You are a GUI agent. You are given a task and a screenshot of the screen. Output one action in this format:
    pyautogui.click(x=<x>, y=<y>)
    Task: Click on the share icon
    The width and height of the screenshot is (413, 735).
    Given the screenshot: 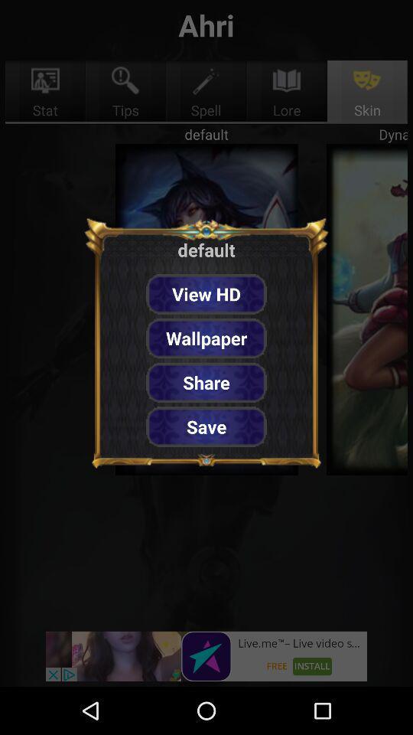 What is the action you would take?
    pyautogui.click(x=206, y=381)
    